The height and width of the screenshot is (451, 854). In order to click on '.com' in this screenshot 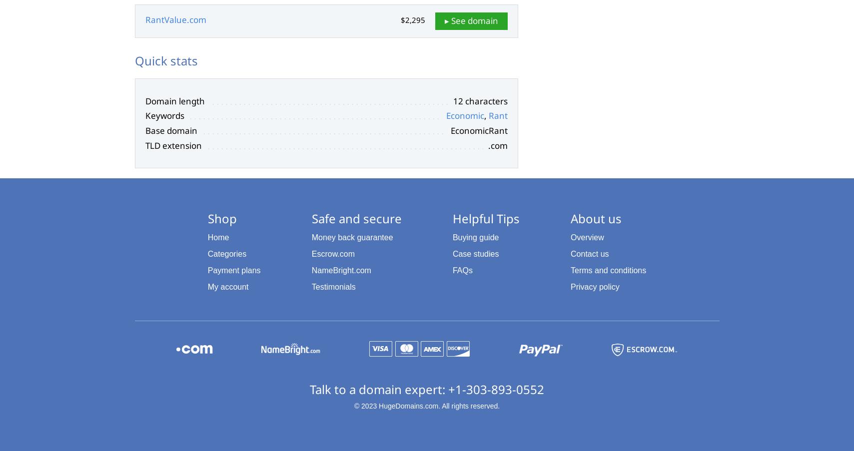, I will do `click(497, 144)`.